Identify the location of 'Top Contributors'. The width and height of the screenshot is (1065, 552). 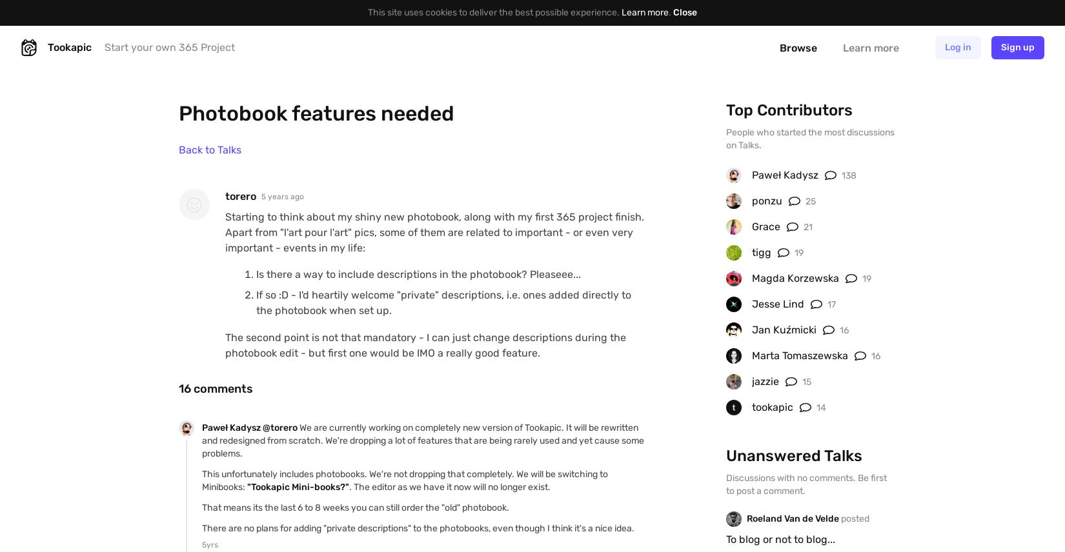
(725, 110).